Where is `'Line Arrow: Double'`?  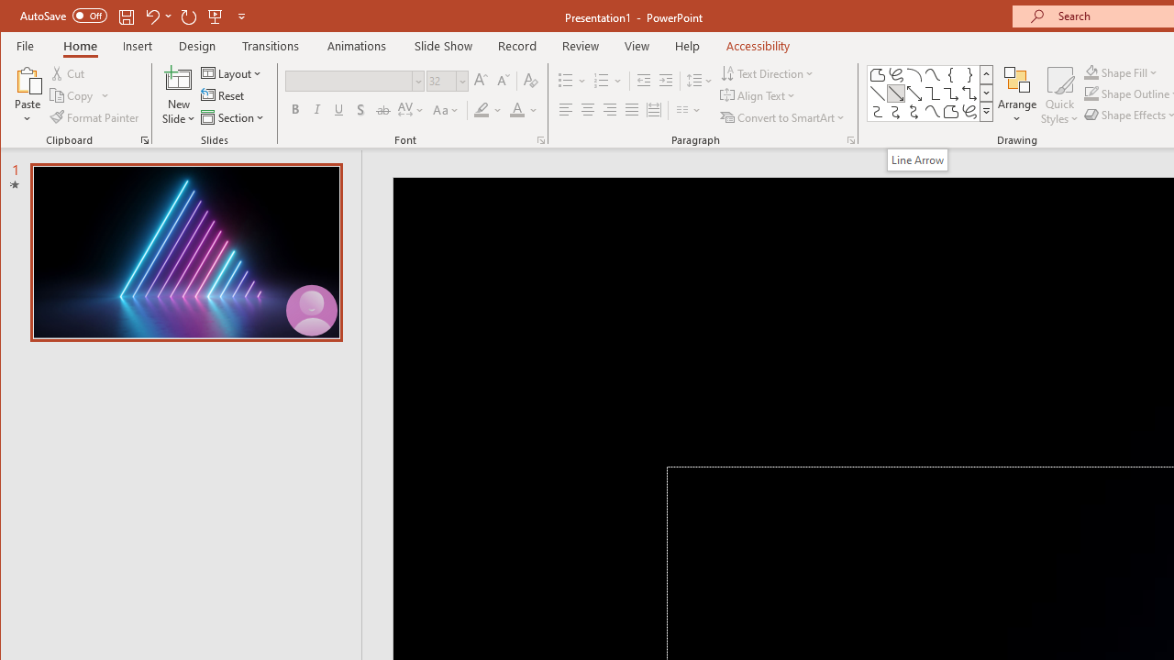 'Line Arrow: Double' is located at coordinates (914, 93).